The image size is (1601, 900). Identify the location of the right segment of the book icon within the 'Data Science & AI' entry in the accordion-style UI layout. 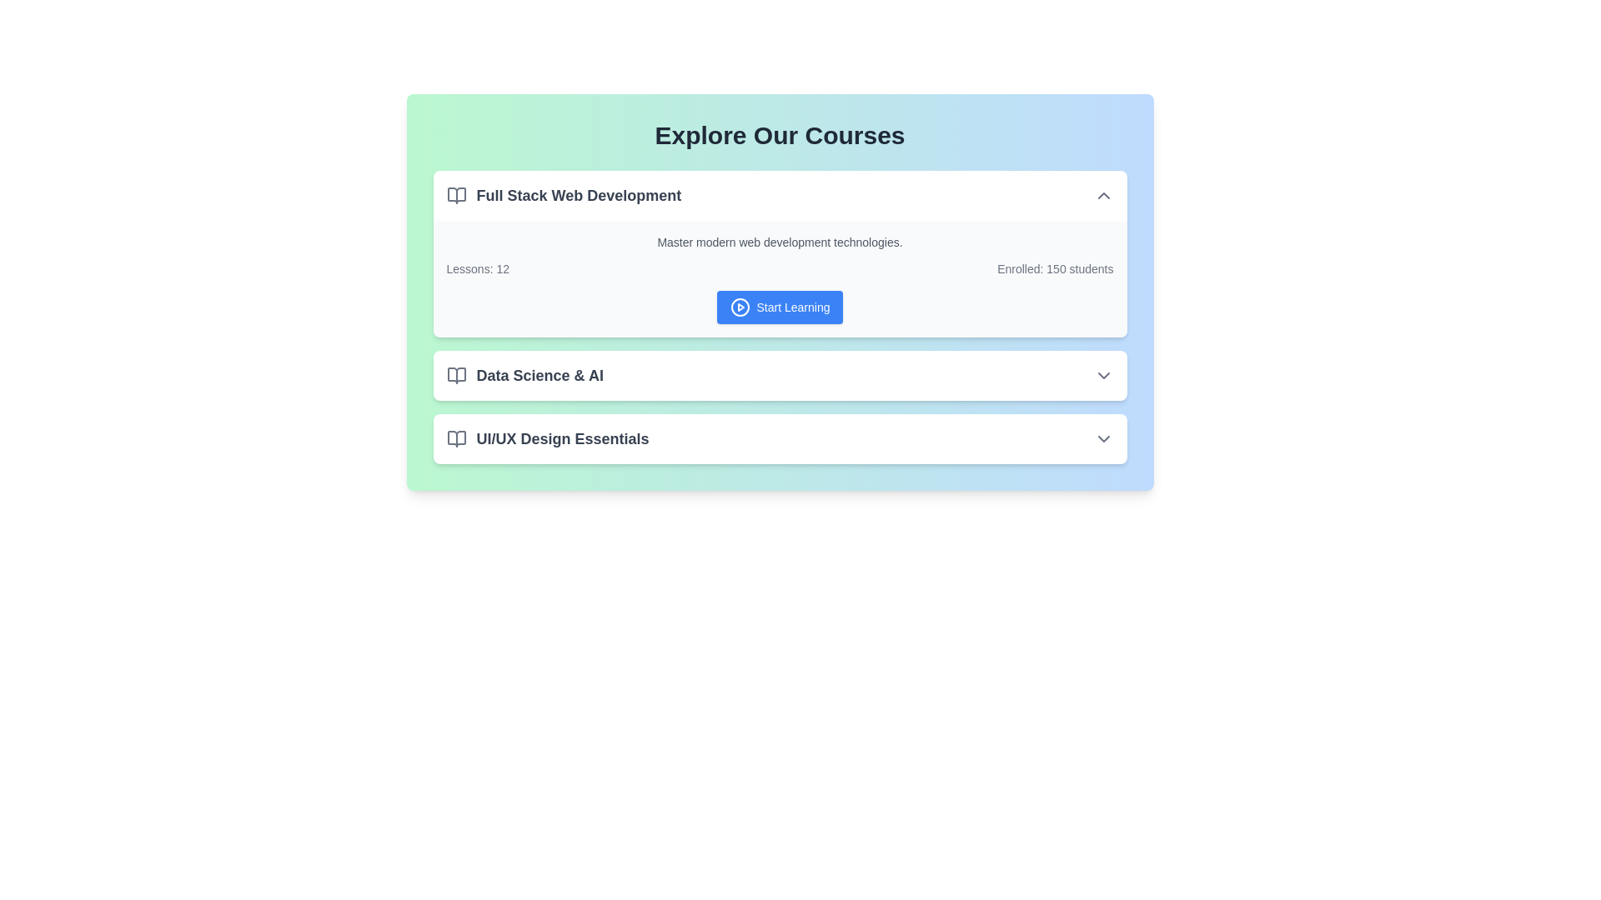
(456, 376).